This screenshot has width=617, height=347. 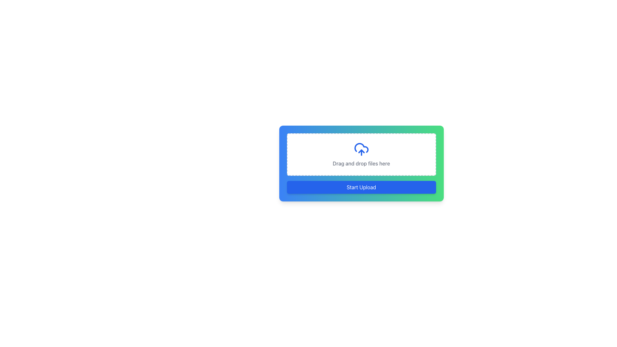 I want to click on the file upload icon that visually represents the action of uploading files, which is located centrally in a box that says 'Drag and drop files here', so click(x=361, y=149).